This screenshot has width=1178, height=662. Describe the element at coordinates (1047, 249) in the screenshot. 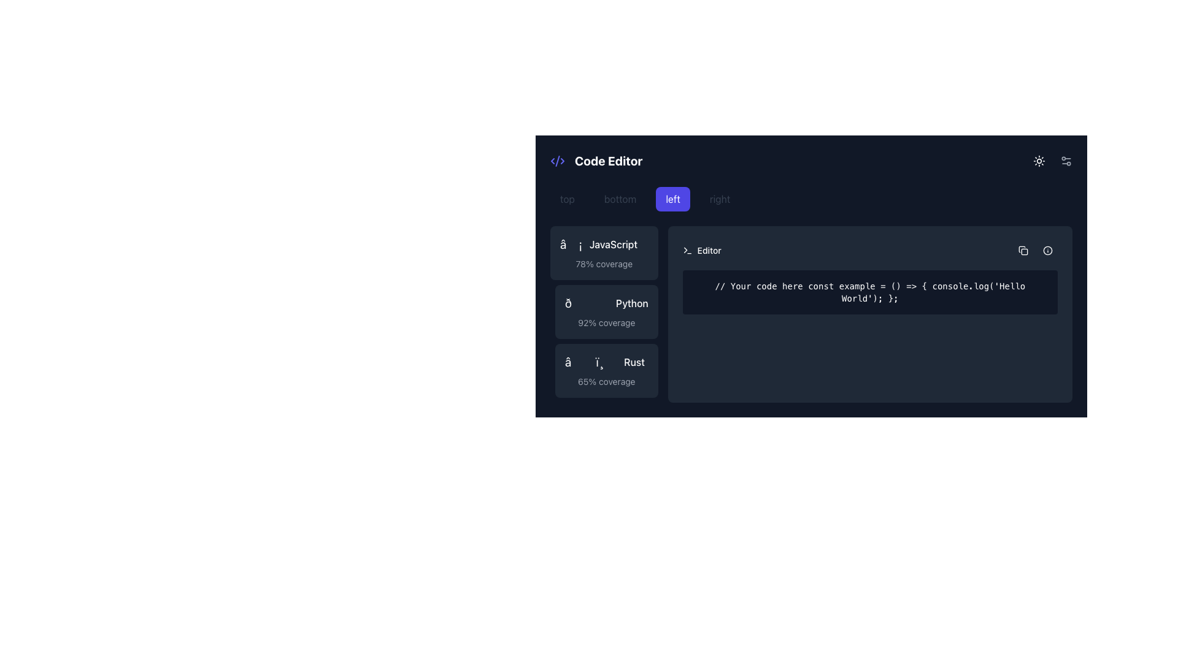

I see `the circular shape representing the information icon, which is visually isolated and located in the top-right corner of the interface` at that location.